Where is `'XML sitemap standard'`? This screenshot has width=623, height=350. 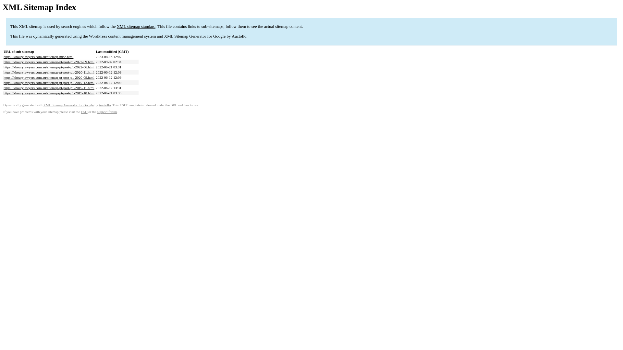
'XML sitemap standard' is located at coordinates (136, 26).